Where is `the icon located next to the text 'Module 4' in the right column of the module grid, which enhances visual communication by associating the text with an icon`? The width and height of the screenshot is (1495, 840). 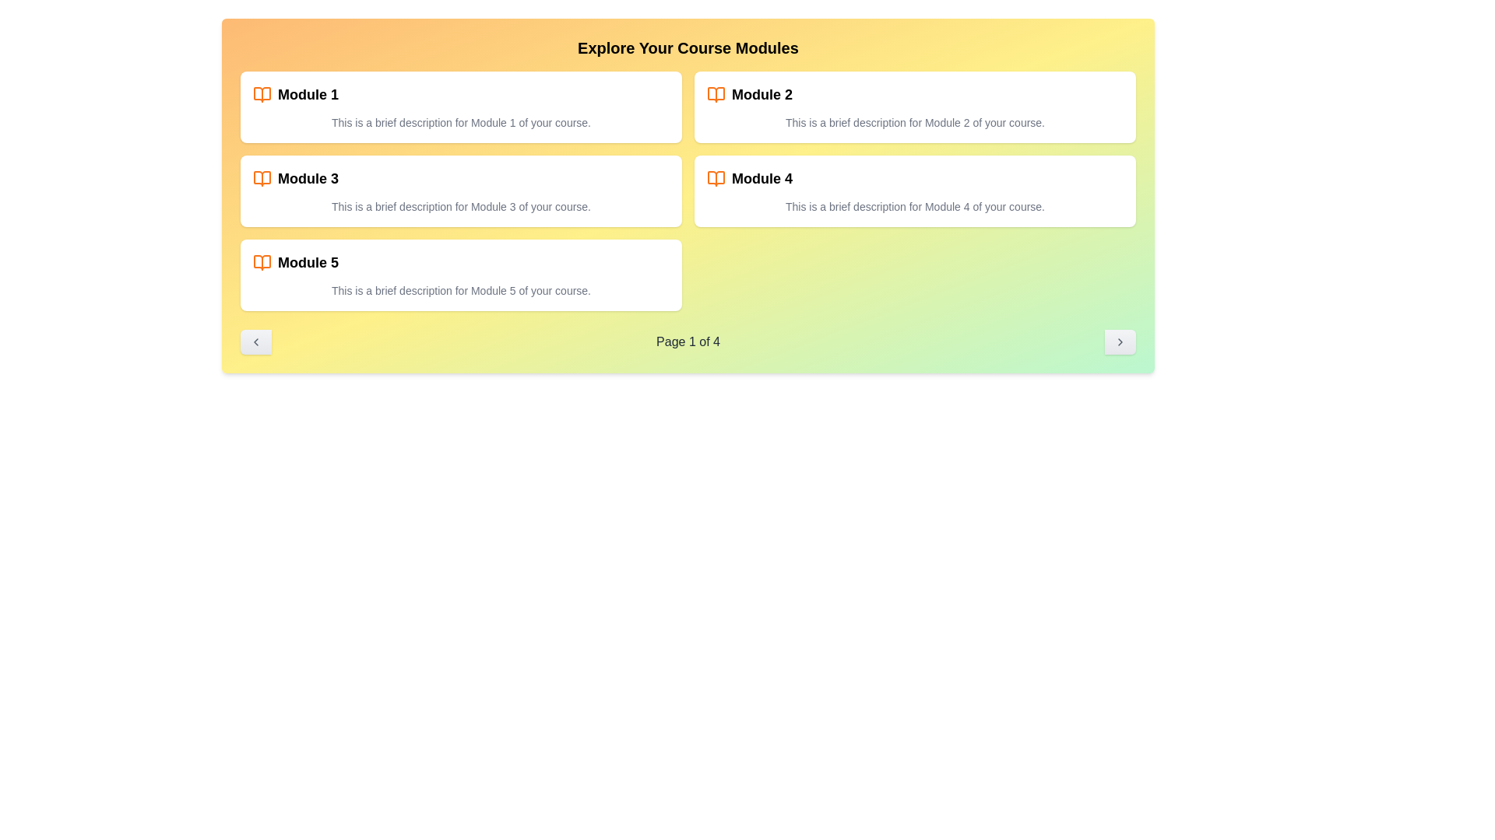
the icon located next to the text 'Module 4' in the right column of the module grid, which enhances visual communication by associating the text with an icon is located at coordinates (716, 178).